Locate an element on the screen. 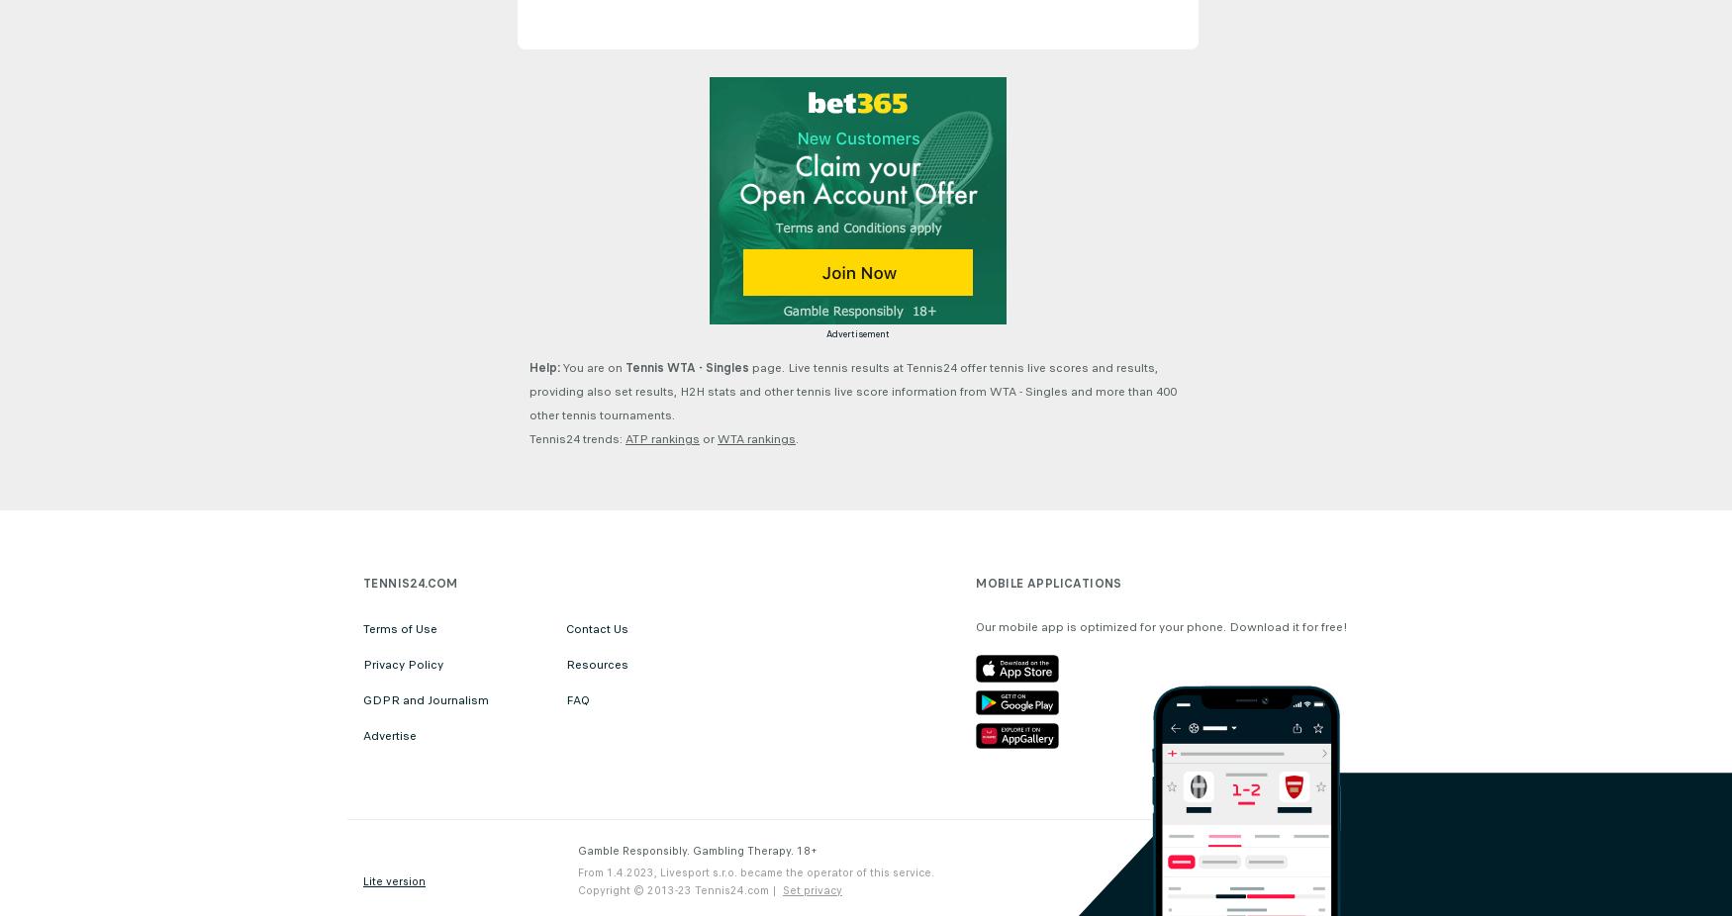 This screenshot has height=916, width=1732. 'Lite version' is located at coordinates (393, 880).